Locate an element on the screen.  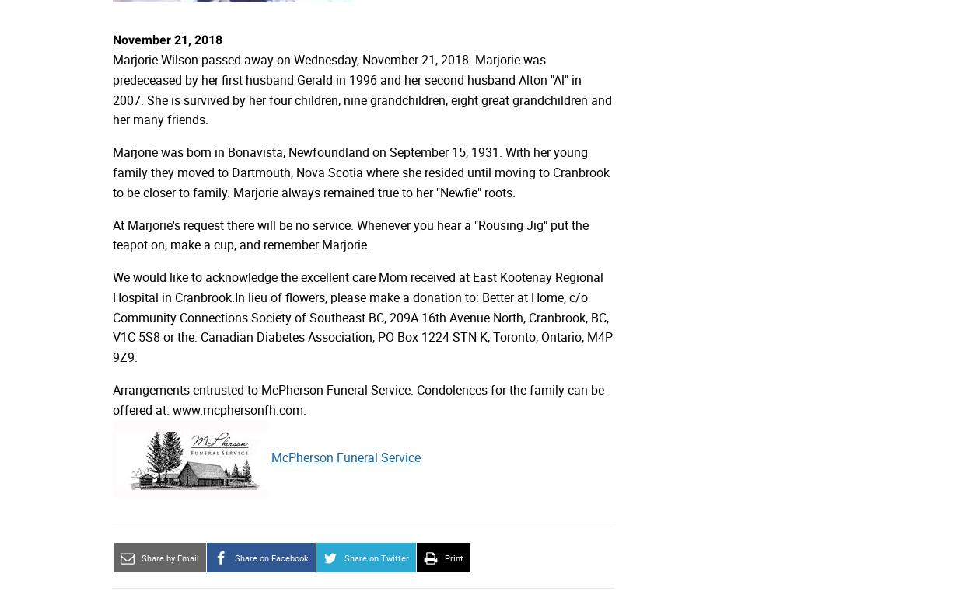
'Share on Twitter' is located at coordinates (376, 557).